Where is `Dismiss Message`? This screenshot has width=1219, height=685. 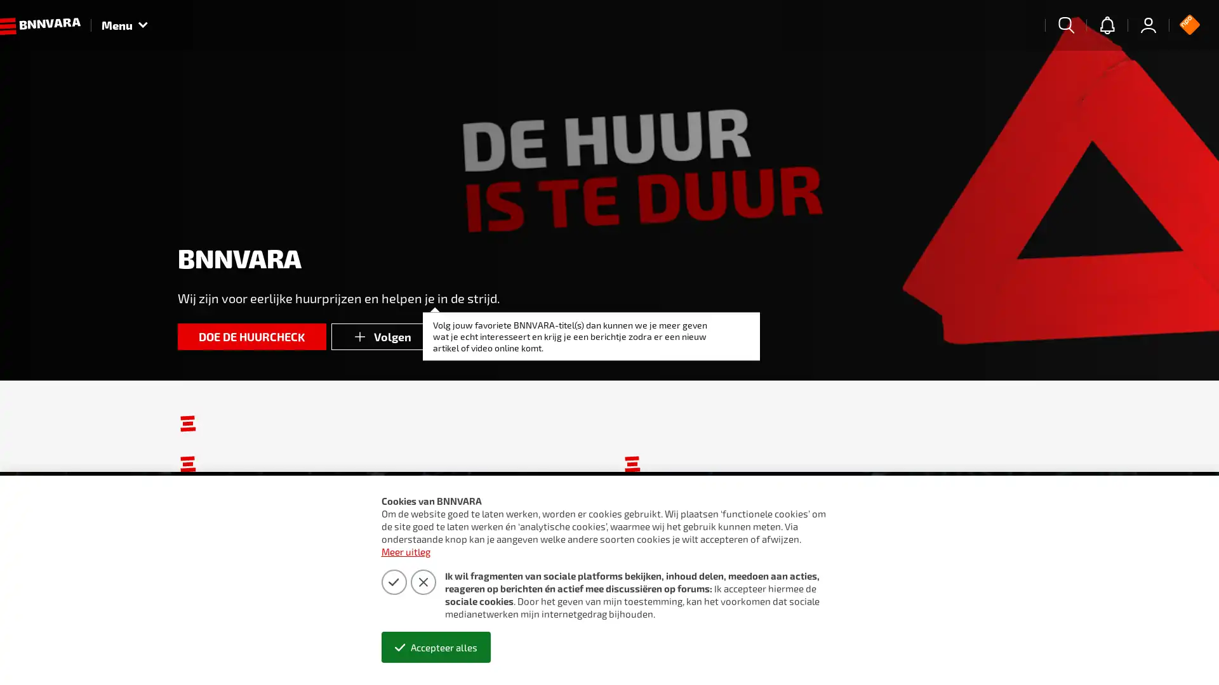 Dismiss Message is located at coordinates (1152, 636).